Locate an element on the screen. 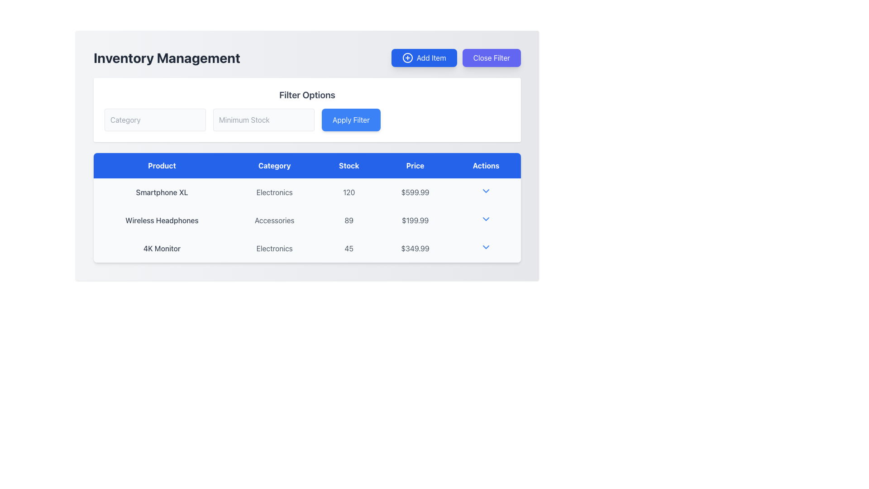 This screenshot has height=489, width=869. the 'Add Item' button by clicking on the icon element (circle) located at the top-right area of the interface is located at coordinates (407, 58).